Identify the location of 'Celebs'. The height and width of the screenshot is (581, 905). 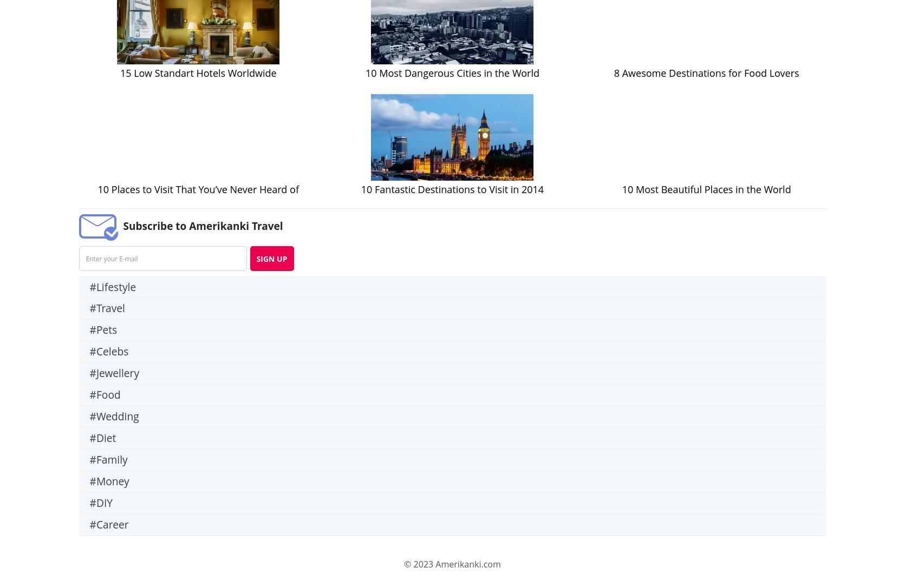
(112, 351).